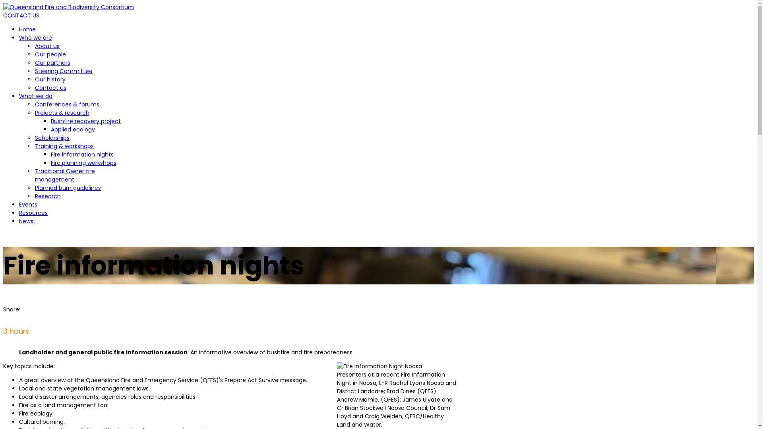 This screenshot has width=763, height=429. I want to click on 'CONTACT US', so click(21, 15).